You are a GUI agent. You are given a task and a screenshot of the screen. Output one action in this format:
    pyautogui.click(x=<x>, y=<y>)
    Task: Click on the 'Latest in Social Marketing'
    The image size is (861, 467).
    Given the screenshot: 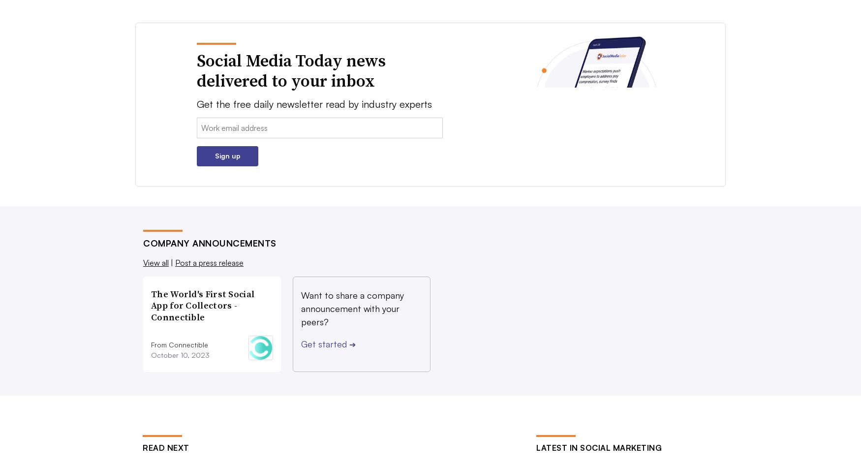 What is the action you would take?
    pyautogui.click(x=599, y=447)
    